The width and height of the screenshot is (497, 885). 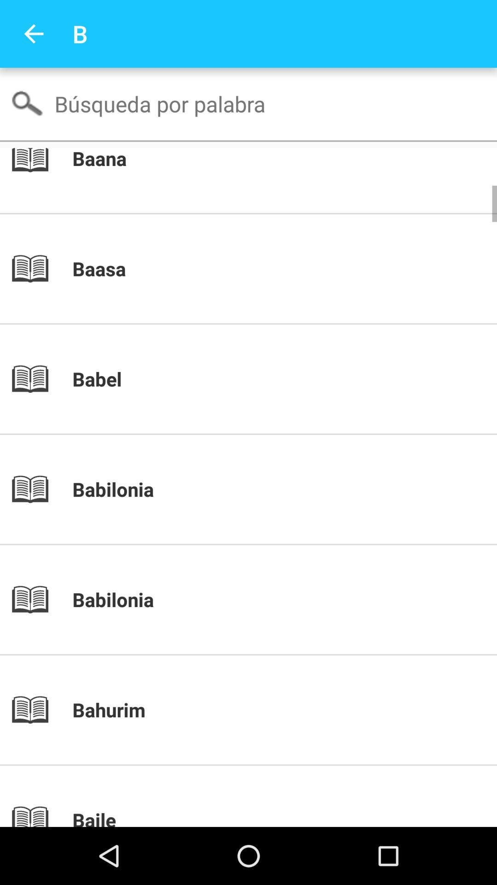 What do you see at coordinates (264, 817) in the screenshot?
I see `the baile` at bounding box center [264, 817].